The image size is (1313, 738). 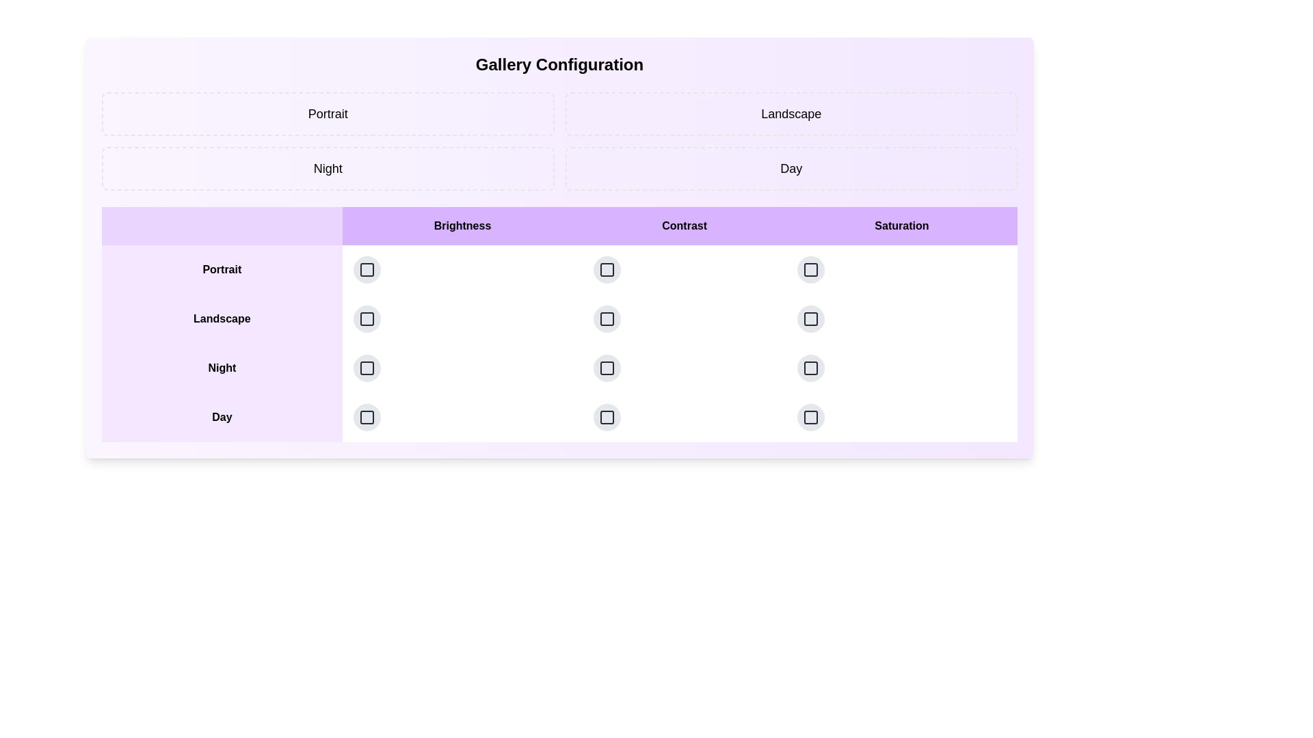 I want to click on the square icon located in the bottom-right cell of the 'Saturation' column and 'Day' row, so click(x=810, y=416).